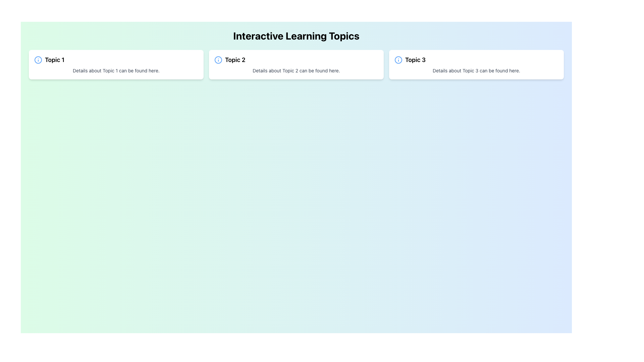 The height and width of the screenshot is (362, 644). I want to click on the core blue circular shape of the info icon located to the left of the text labeled 'Topic 2', depending on its interactive state, so click(218, 59).